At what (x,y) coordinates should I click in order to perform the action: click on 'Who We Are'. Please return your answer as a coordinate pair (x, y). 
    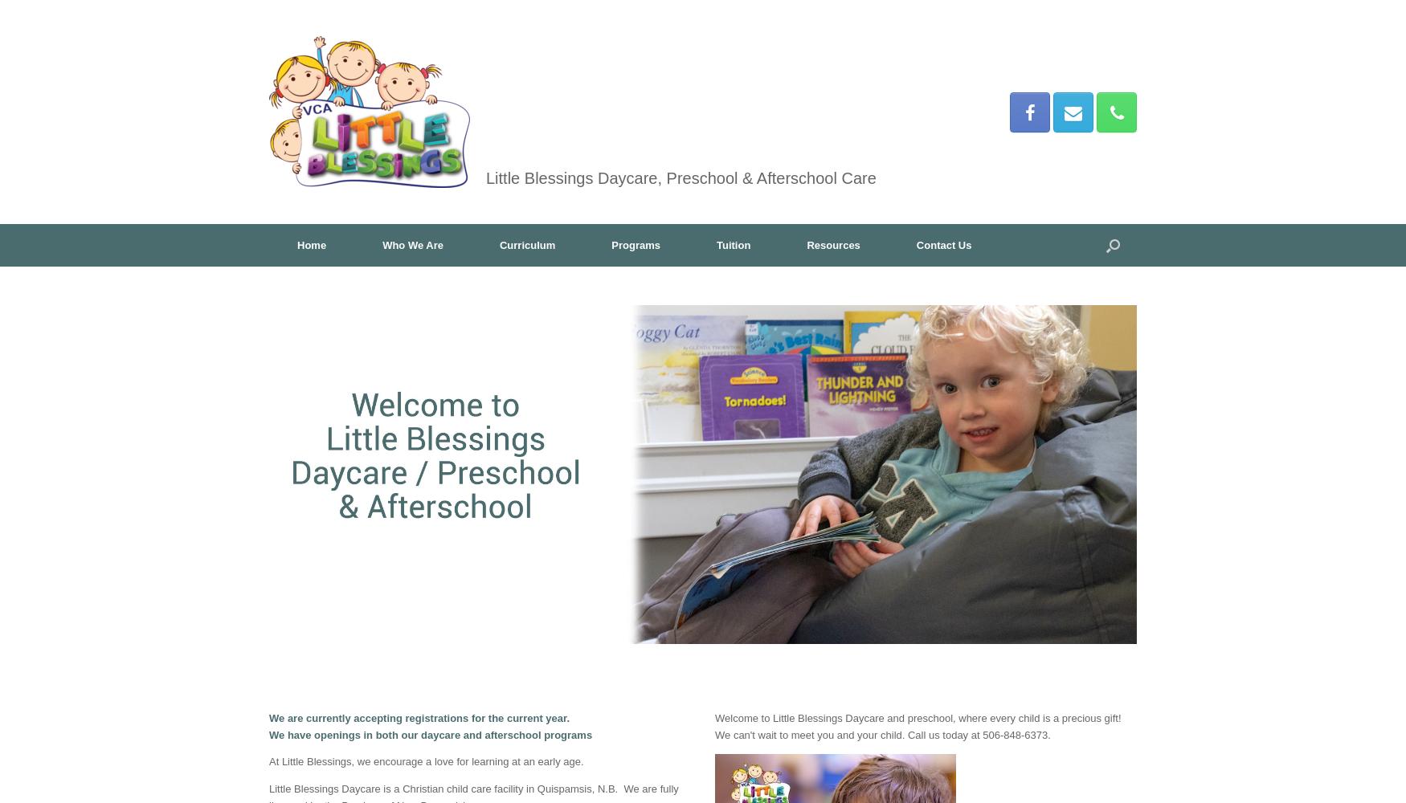
    Looking at the image, I should click on (411, 245).